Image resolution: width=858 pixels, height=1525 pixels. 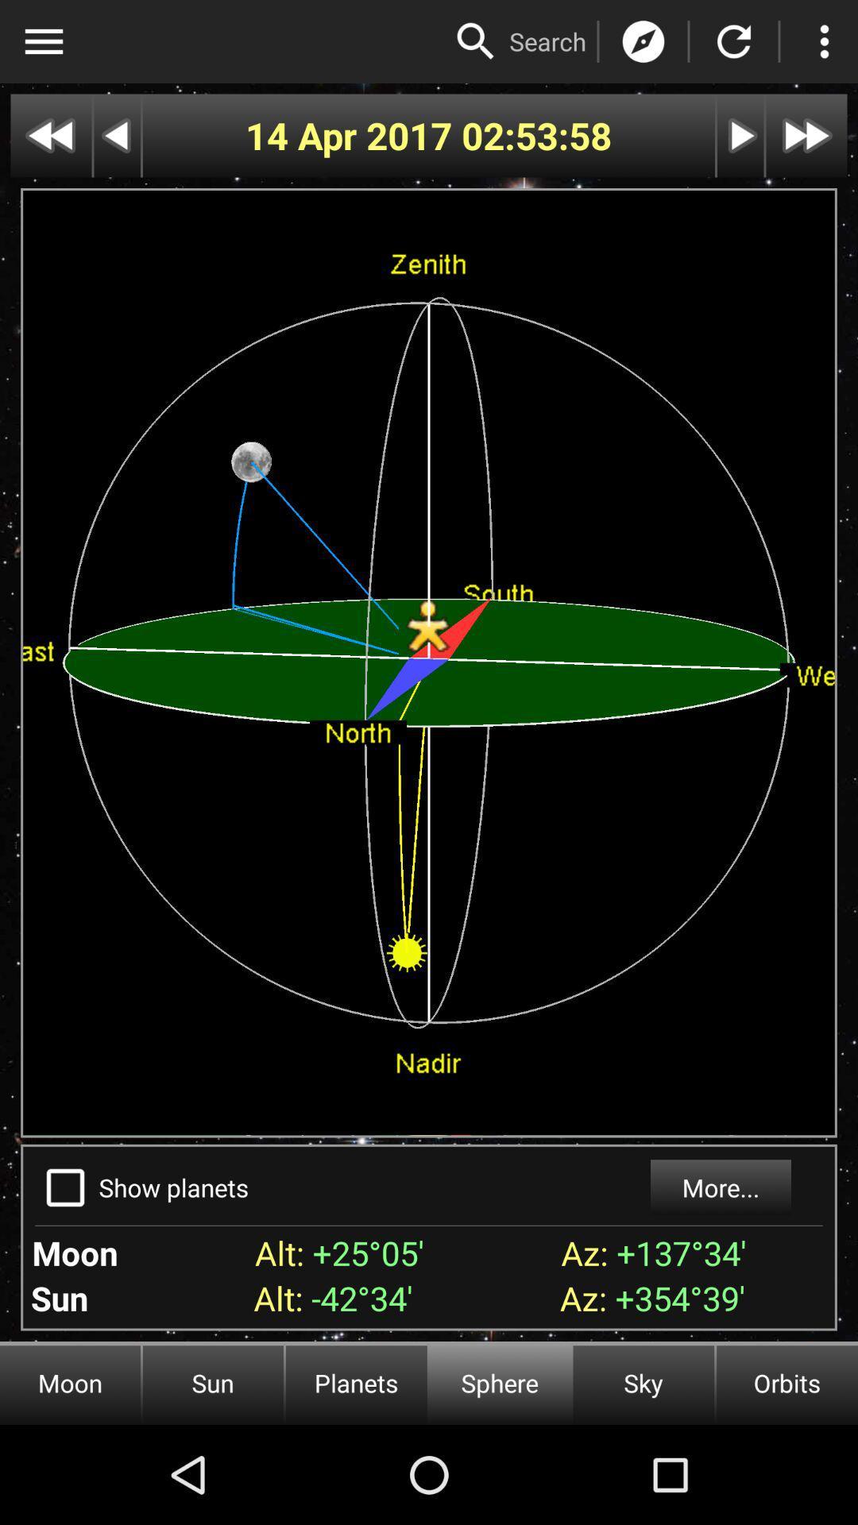 I want to click on rewind, so click(x=50, y=136).